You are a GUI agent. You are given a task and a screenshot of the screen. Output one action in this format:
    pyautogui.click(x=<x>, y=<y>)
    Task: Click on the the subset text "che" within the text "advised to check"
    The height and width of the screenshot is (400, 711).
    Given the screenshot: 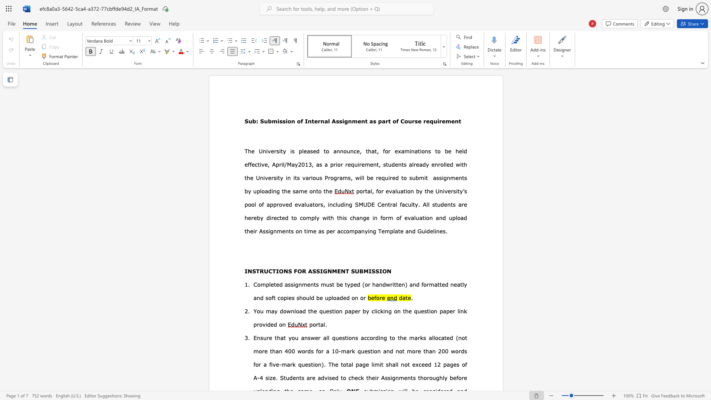 What is the action you would take?
    pyautogui.click(x=348, y=377)
    